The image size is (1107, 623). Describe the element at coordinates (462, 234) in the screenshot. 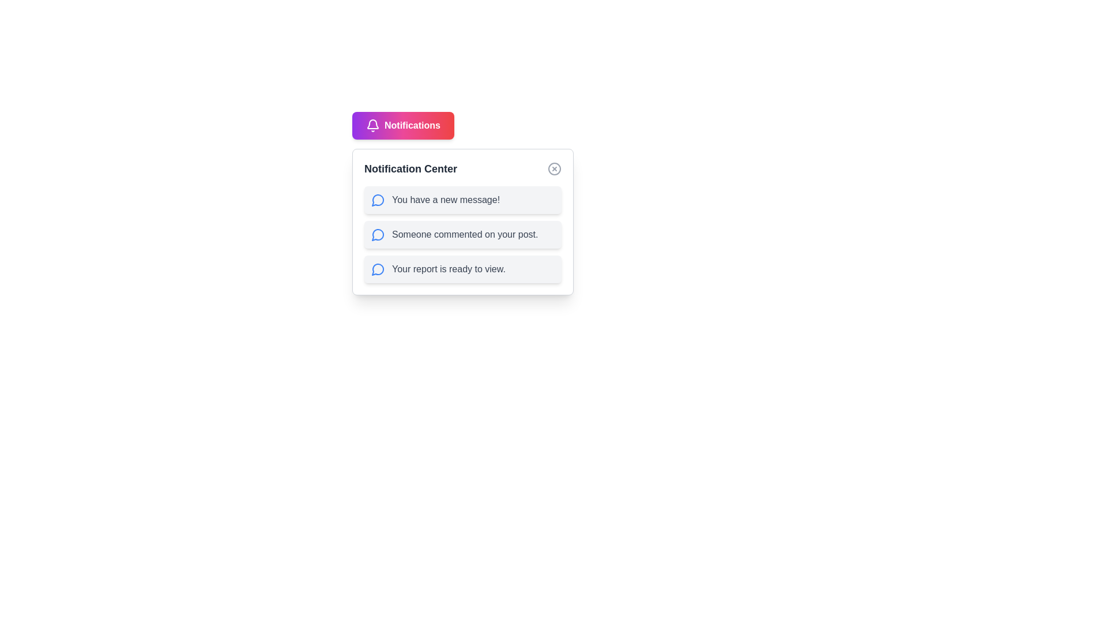

I see `an individual notification within the Notification Center modal, specifically targeting the stack of three rectangular cards that display messages` at that location.